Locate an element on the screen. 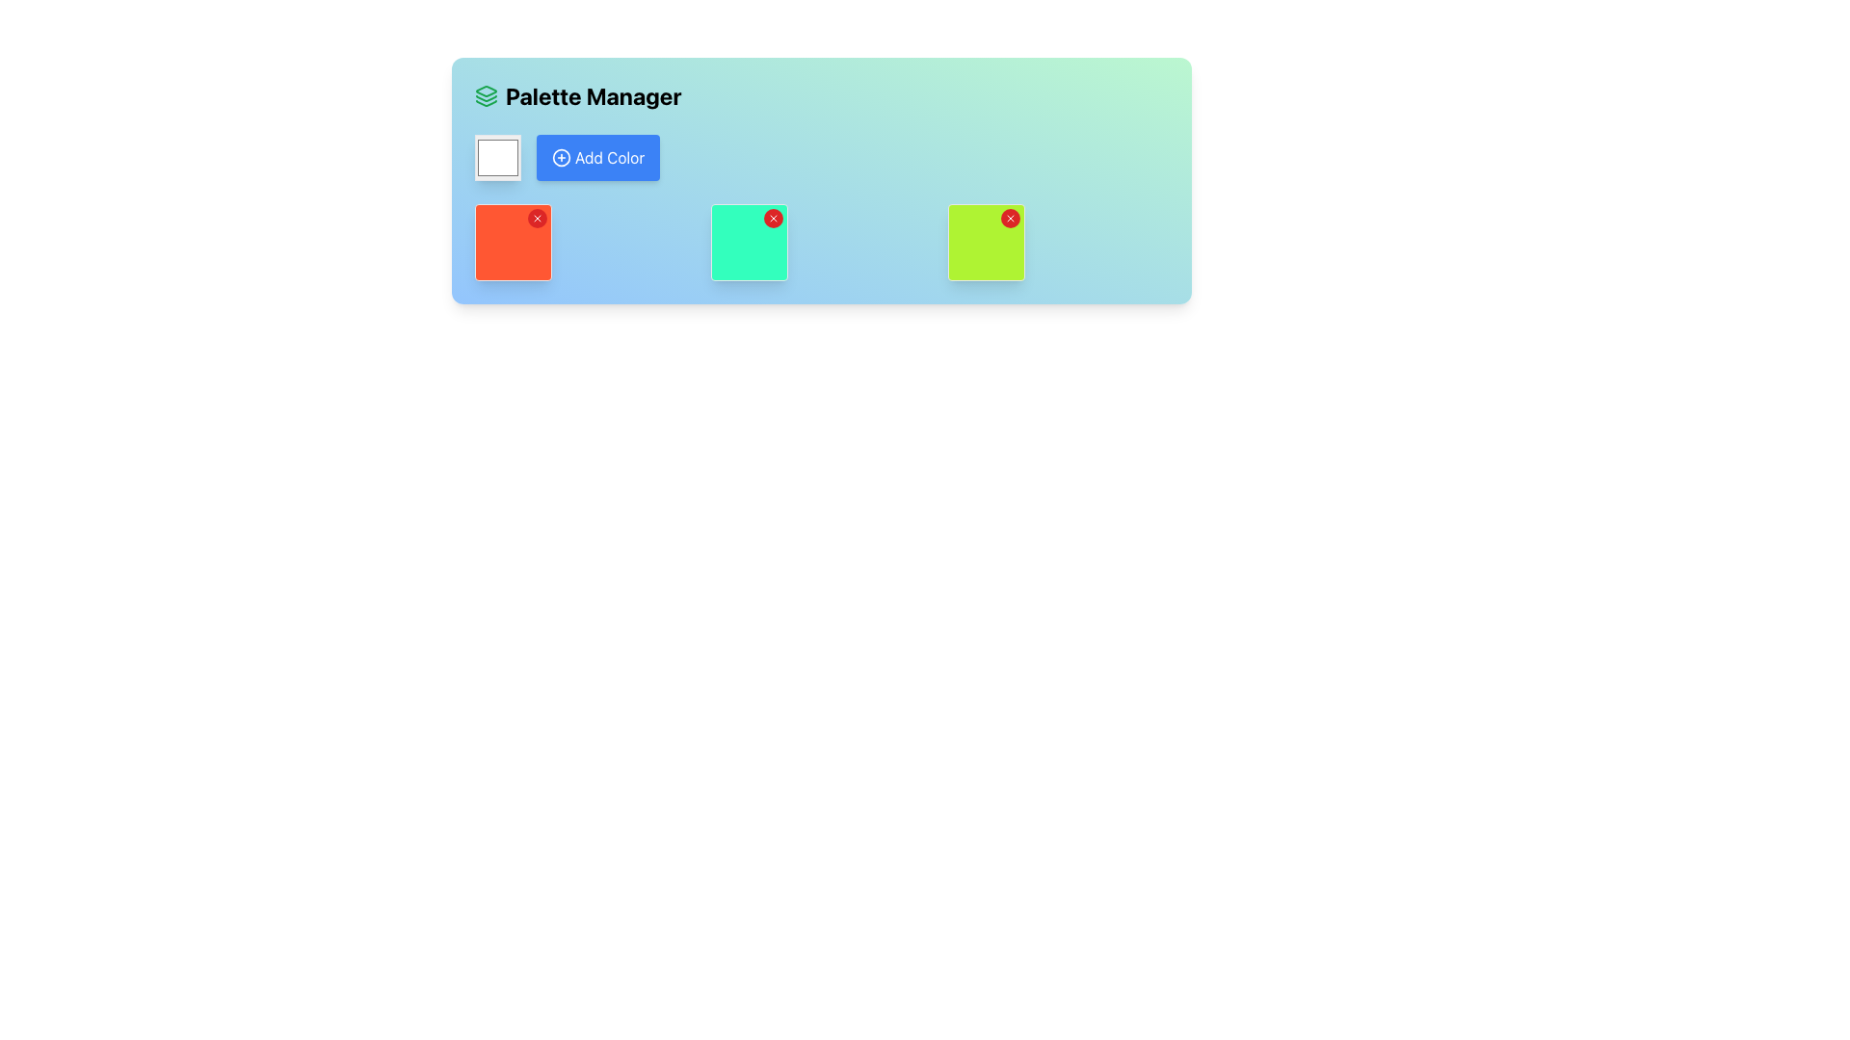  the close icon button located at the top-right corner of the green square color tile is located at coordinates (773, 218).